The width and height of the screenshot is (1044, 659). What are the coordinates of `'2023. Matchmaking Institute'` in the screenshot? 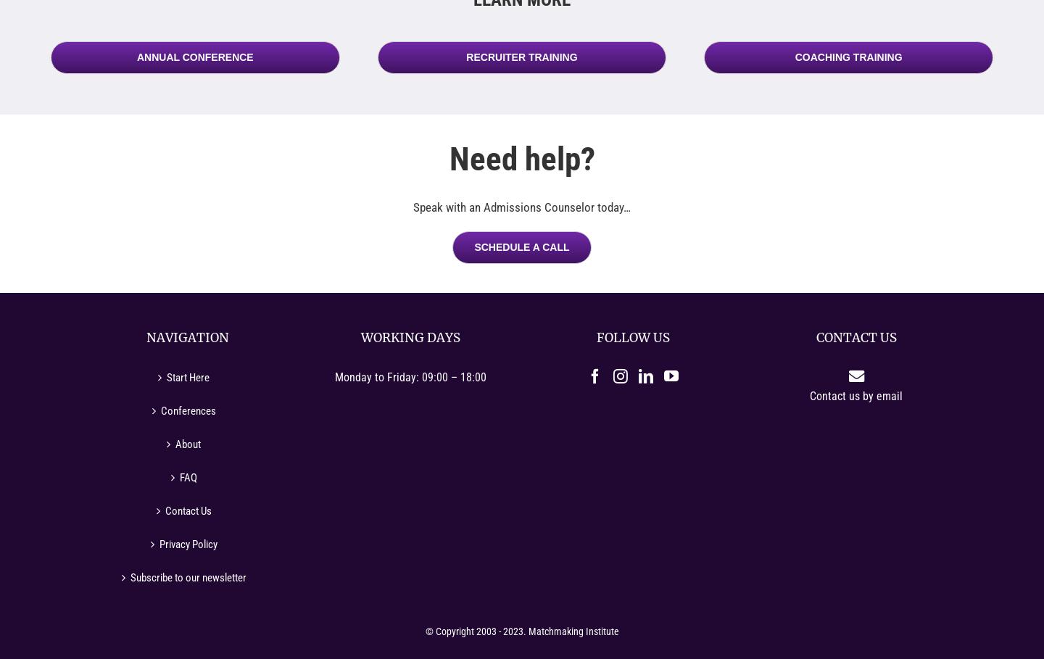 It's located at (502, 630).